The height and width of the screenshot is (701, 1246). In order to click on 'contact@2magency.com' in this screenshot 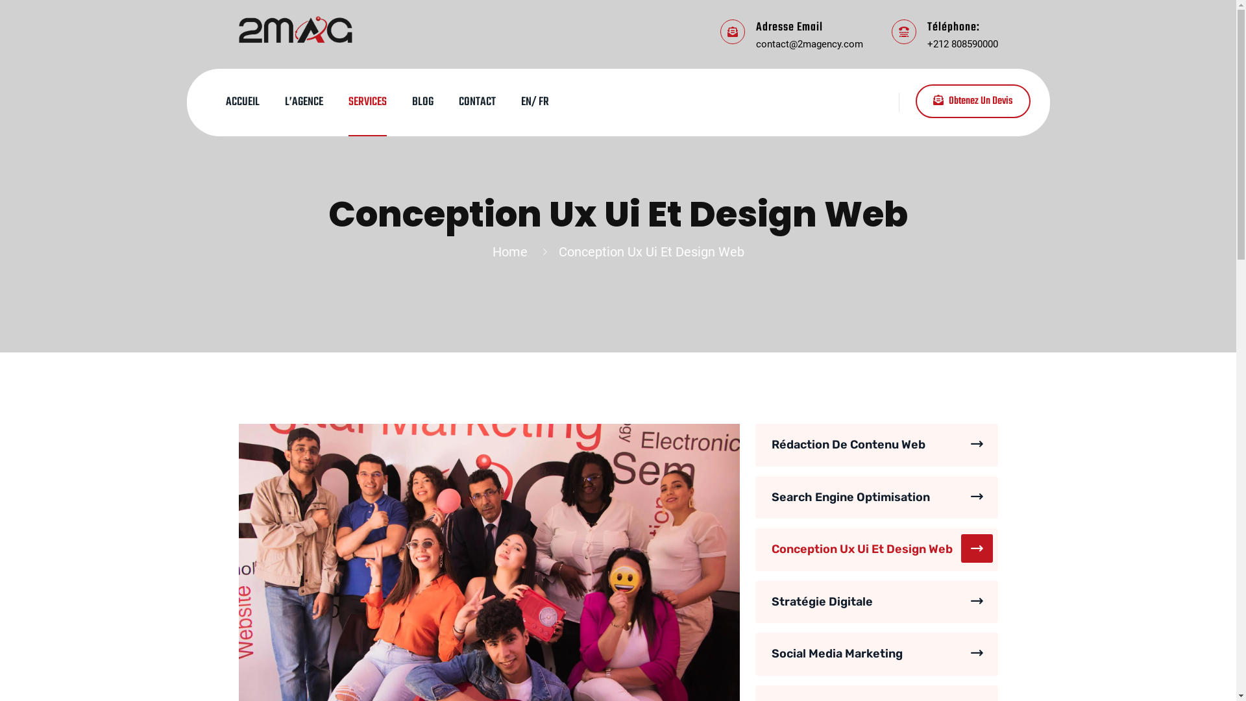, I will do `click(808, 42)`.